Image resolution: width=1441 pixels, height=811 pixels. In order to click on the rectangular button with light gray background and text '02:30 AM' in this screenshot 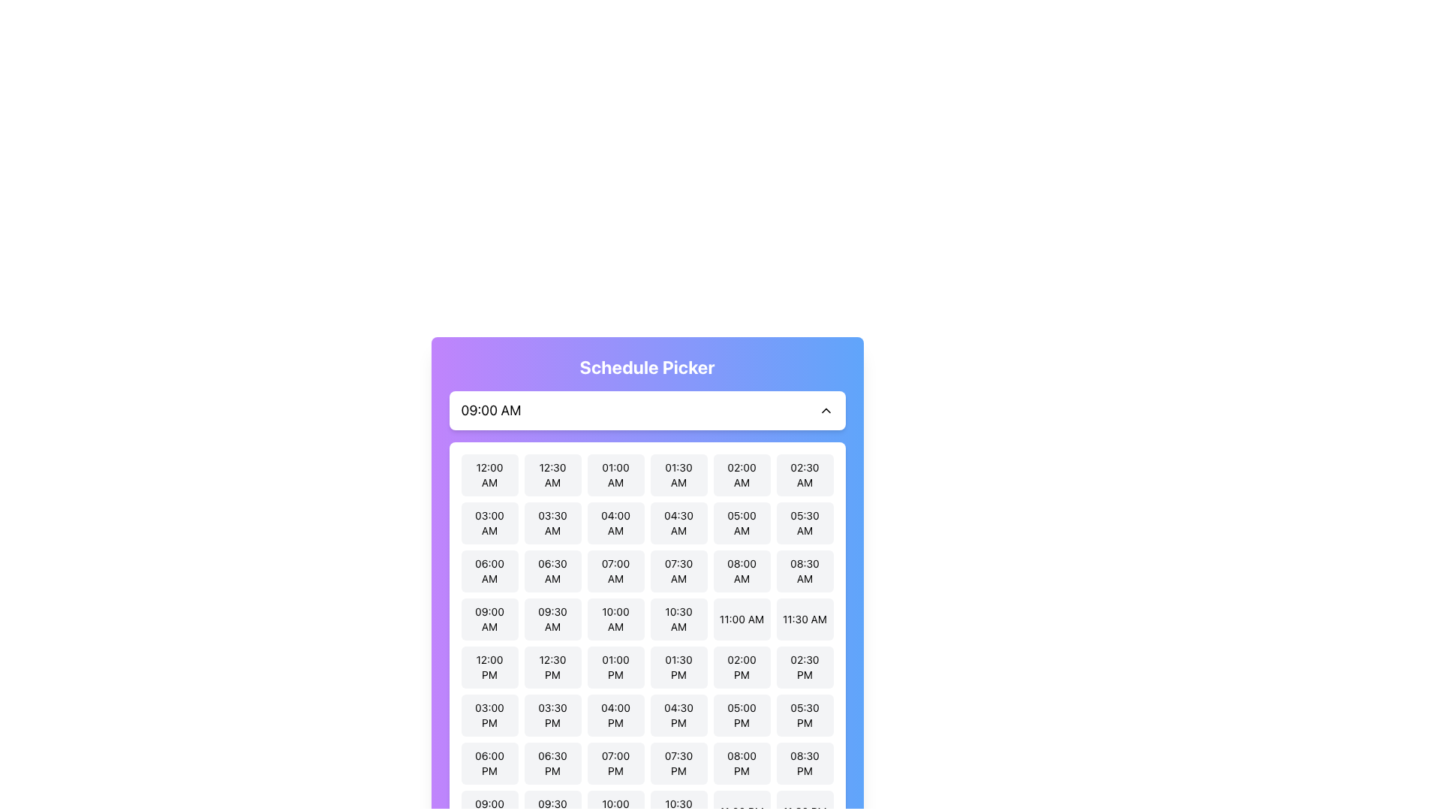, I will do `click(804, 475)`.